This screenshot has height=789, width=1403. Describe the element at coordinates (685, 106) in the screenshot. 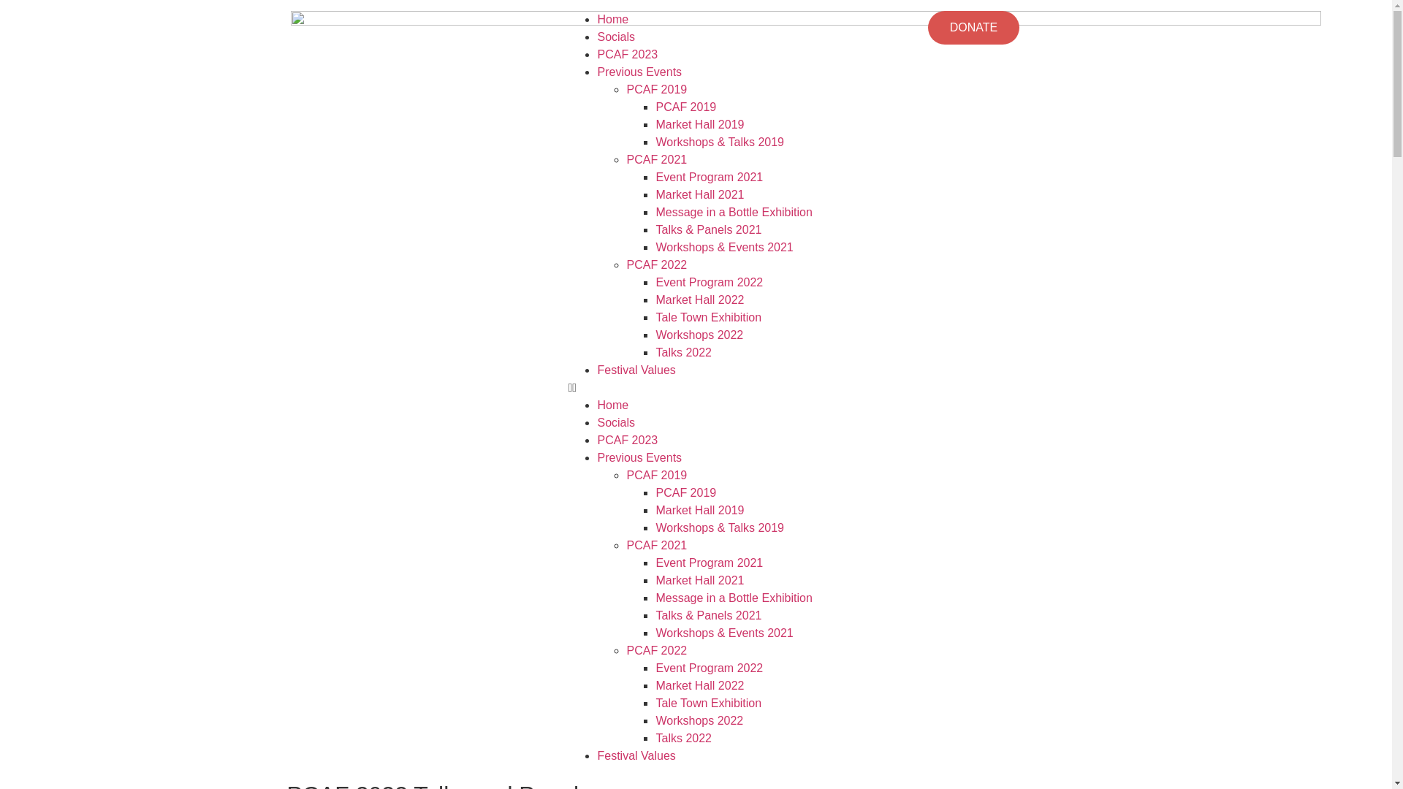

I see `'PCAF 2019'` at that location.